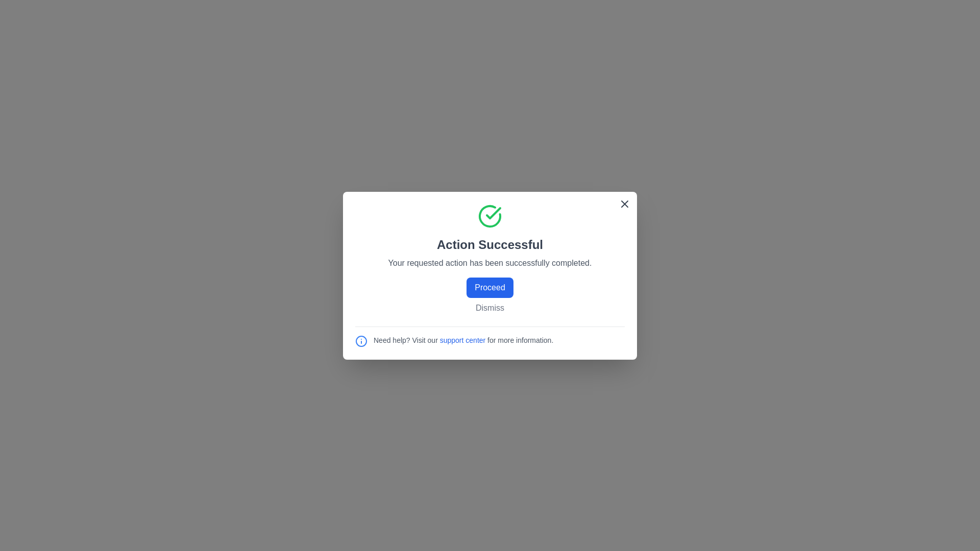 The height and width of the screenshot is (551, 980). I want to click on the hyperlink located in the help prompt at the bottom of the modal dialog box, so click(490, 340).